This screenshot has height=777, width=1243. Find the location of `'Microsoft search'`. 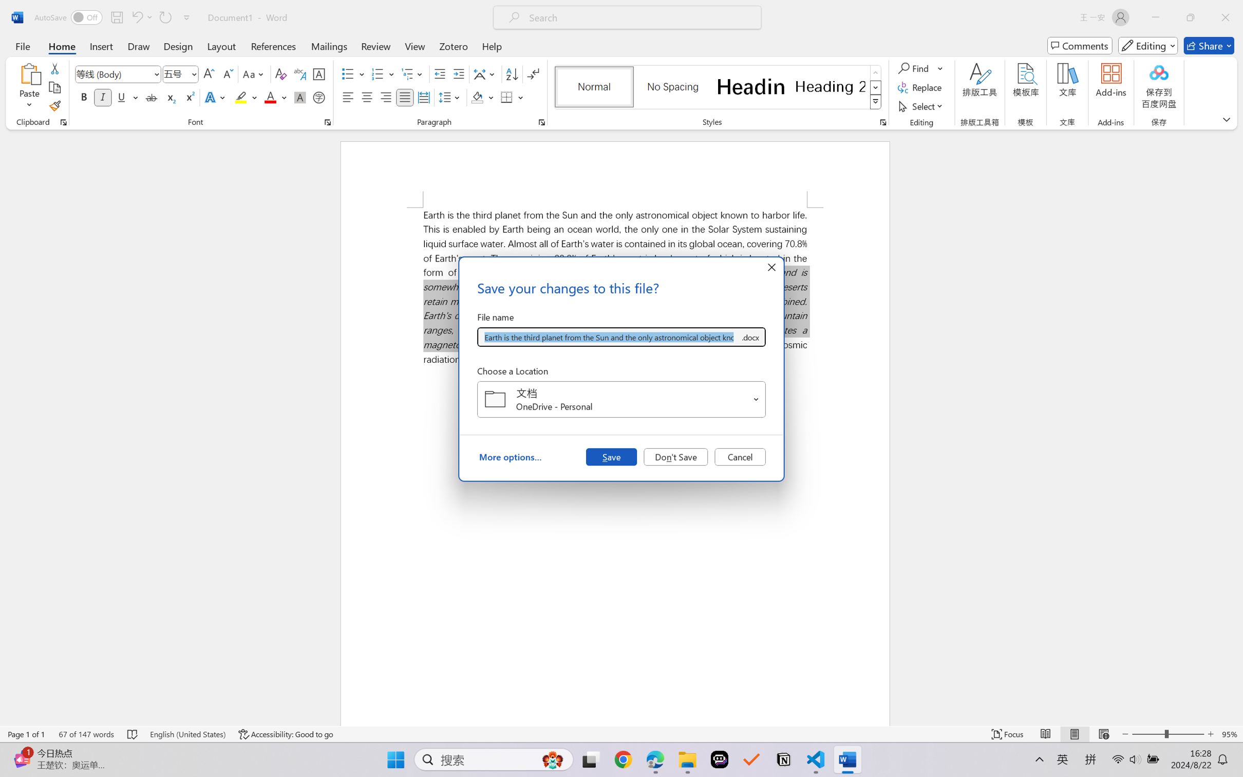

'Microsoft search' is located at coordinates (640, 17).